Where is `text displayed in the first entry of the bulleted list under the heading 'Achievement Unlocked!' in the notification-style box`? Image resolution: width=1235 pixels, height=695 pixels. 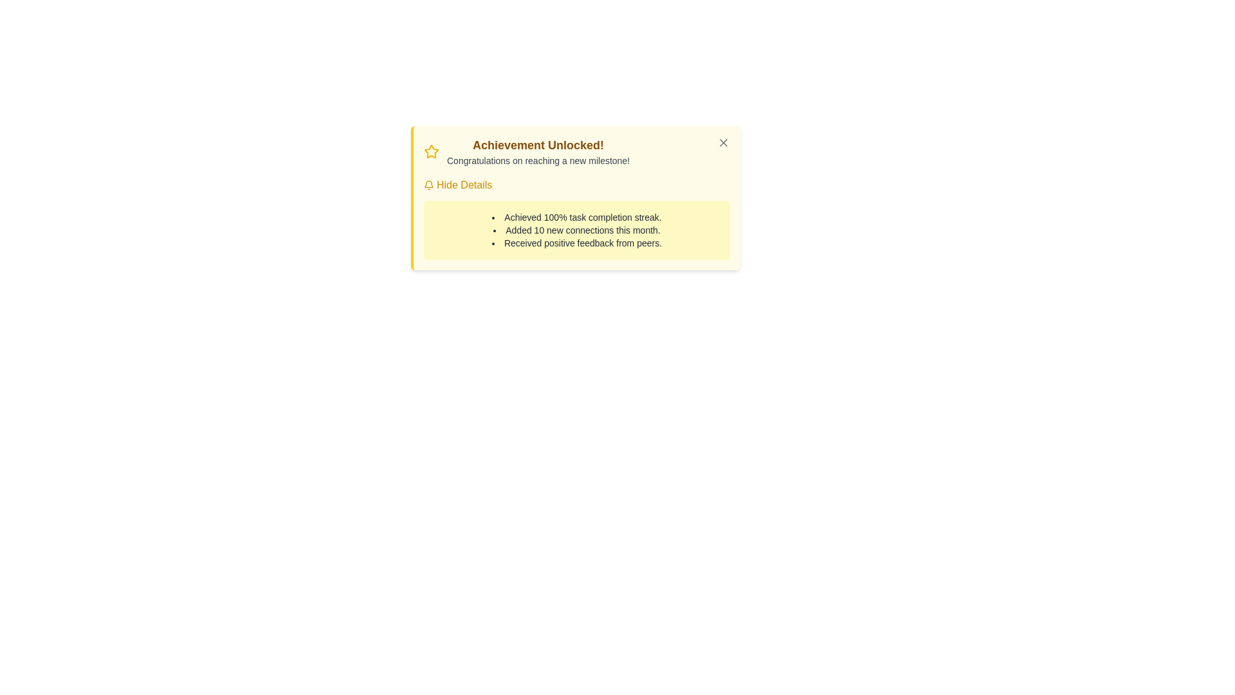 text displayed in the first entry of the bulleted list under the heading 'Achievement Unlocked!' in the notification-style box is located at coordinates (576, 217).